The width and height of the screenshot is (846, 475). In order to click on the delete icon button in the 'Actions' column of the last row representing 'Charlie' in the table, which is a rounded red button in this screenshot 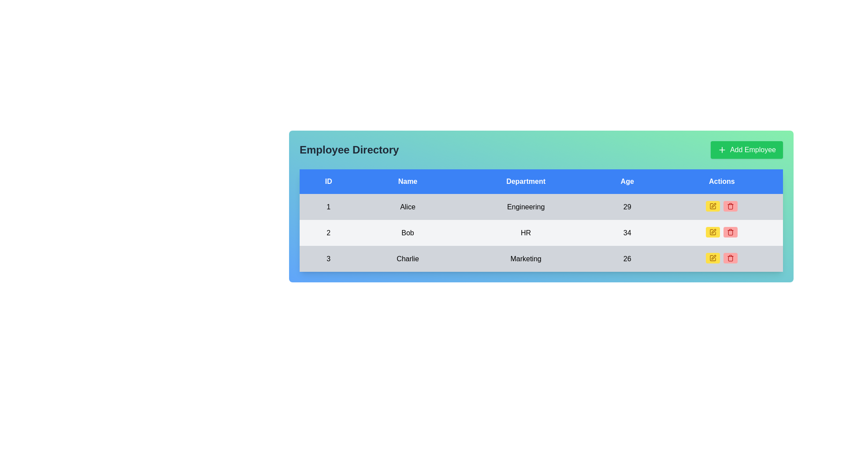, I will do `click(731, 257)`.